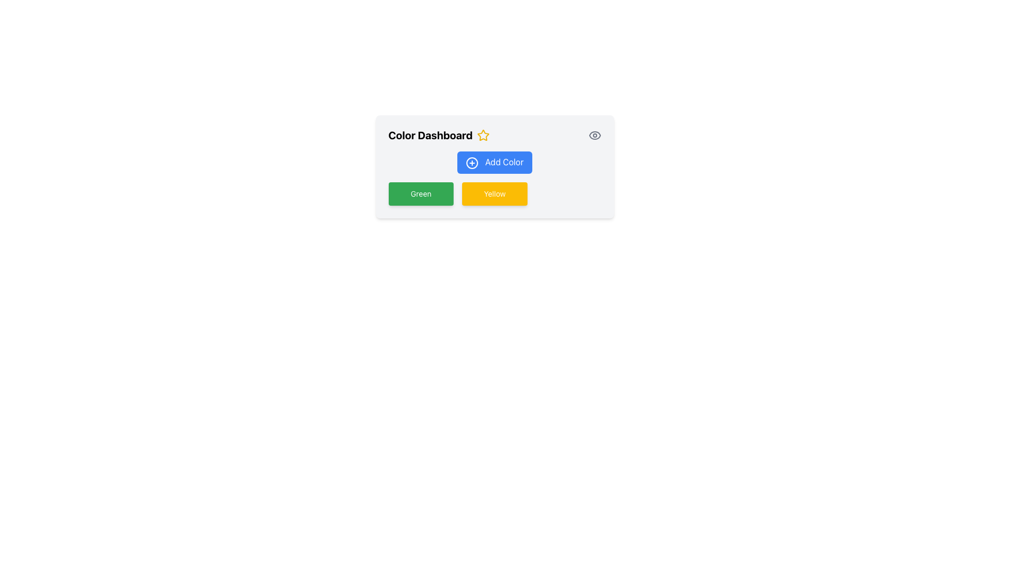 The image size is (1021, 574). Describe the element at coordinates (494, 193) in the screenshot. I see `the 'Yellow' color label, which is the second button in a horizontal row of two buttons, located to the right of the 'Green' button` at that location.